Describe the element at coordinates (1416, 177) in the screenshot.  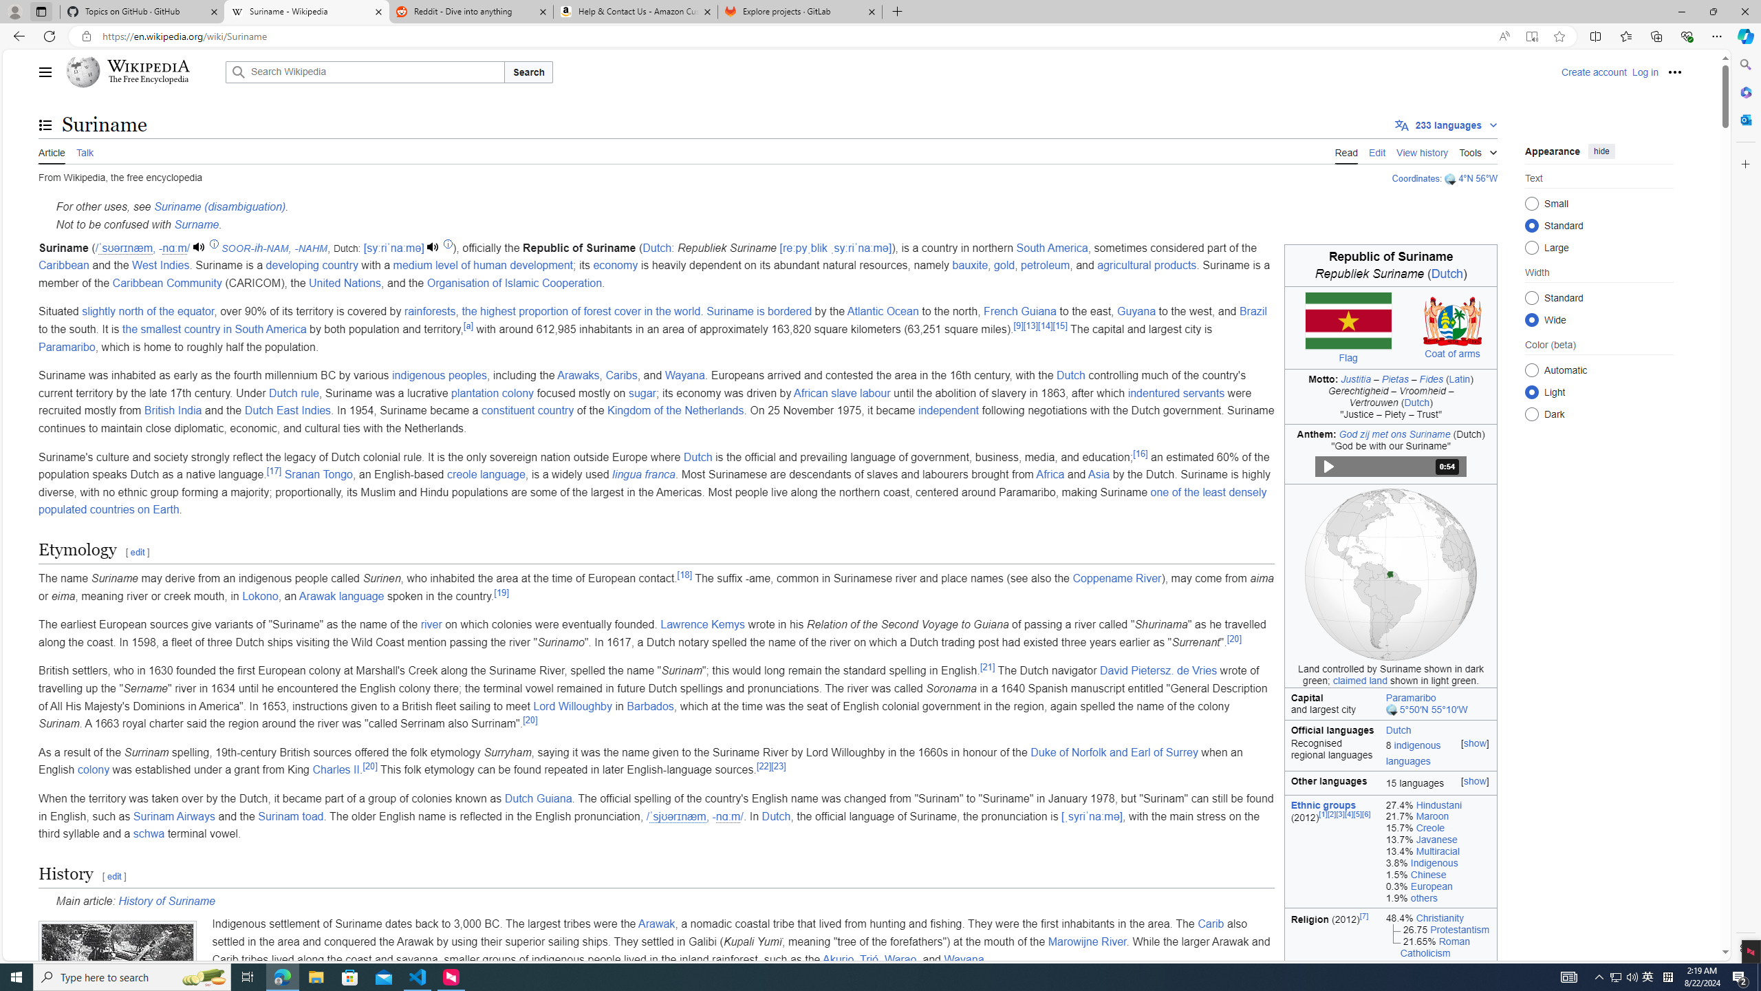
I see `'Coordinates'` at that location.